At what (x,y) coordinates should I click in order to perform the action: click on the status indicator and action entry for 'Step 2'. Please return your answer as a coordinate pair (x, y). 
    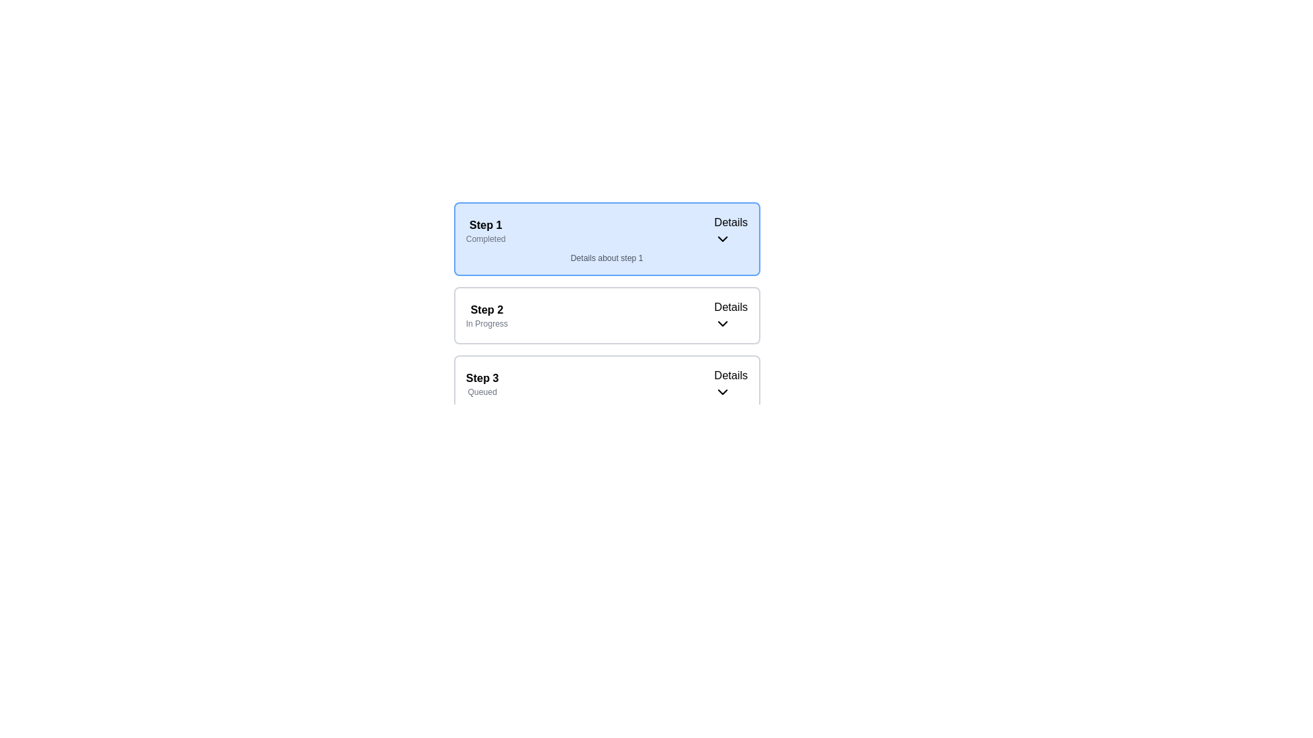
    Looking at the image, I should click on (606, 307).